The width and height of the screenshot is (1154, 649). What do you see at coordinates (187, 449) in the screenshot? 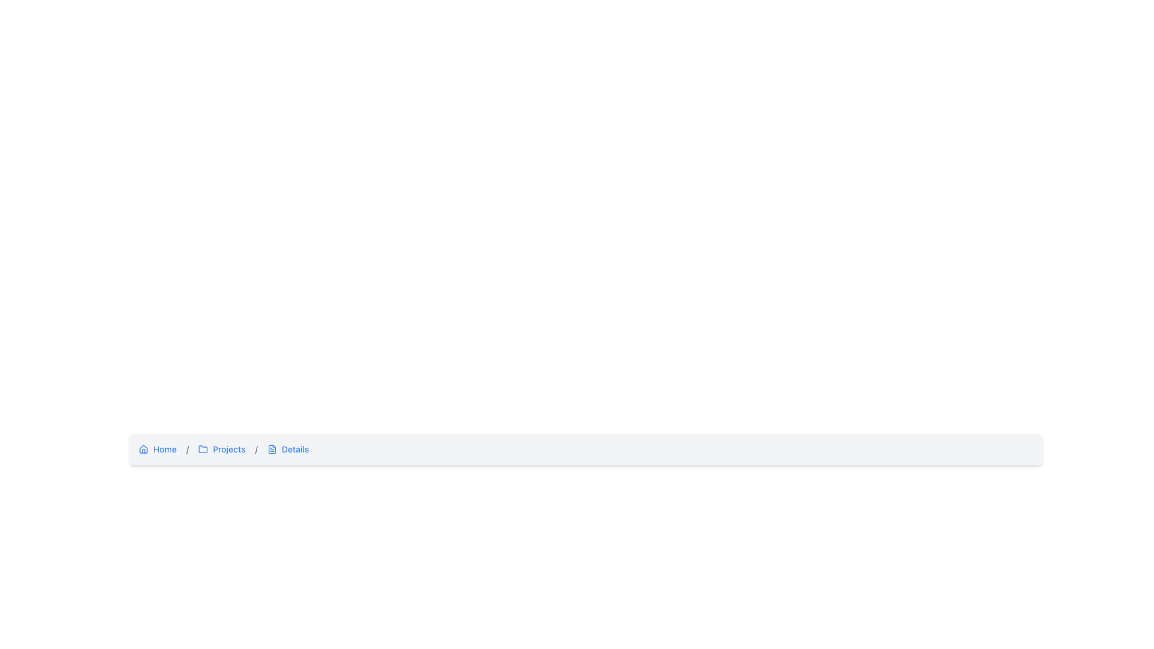
I see `the small gray forward slash ('/') text element that serves as a separator in the breadcrumb navigation bar, located between 'Home' and 'Projects'` at bounding box center [187, 449].